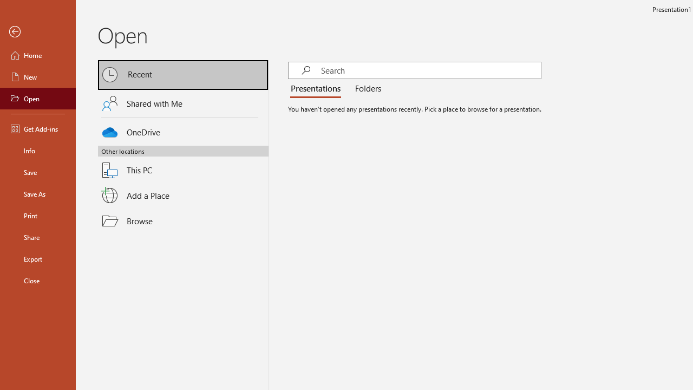 Image resolution: width=693 pixels, height=390 pixels. What do you see at coordinates (183, 164) in the screenshot?
I see `'This PC'` at bounding box center [183, 164].